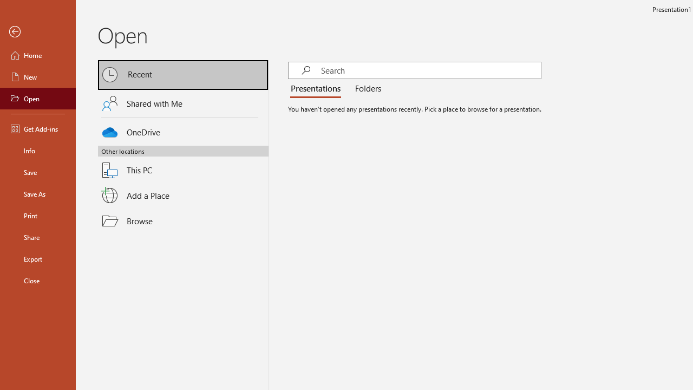 Image resolution: width=693 pixels, height=390 pixels. What do you see at coordinates (183, 164) in the screenshot?
I see `'This PC'` at bounding box center [183, 164].